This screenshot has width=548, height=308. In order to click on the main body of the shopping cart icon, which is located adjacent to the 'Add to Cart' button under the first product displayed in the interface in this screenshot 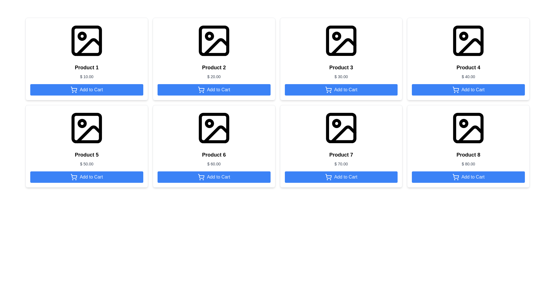, I will do `click(74, 89)`.